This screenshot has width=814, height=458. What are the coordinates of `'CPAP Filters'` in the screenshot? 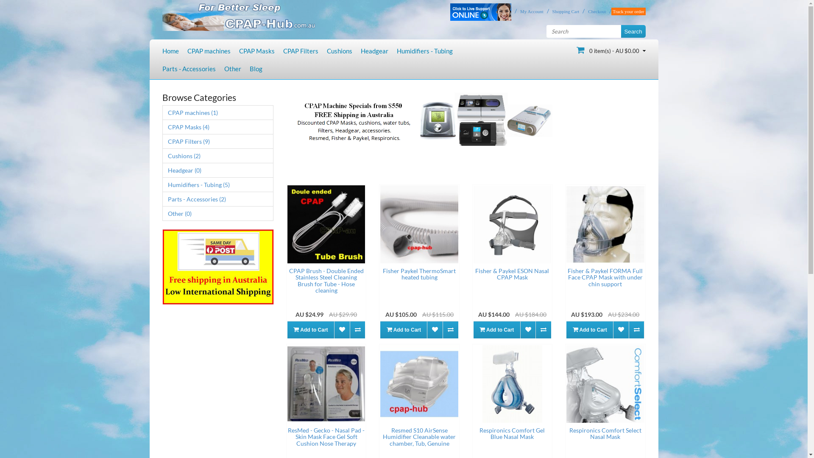 It's located at (301, 50).